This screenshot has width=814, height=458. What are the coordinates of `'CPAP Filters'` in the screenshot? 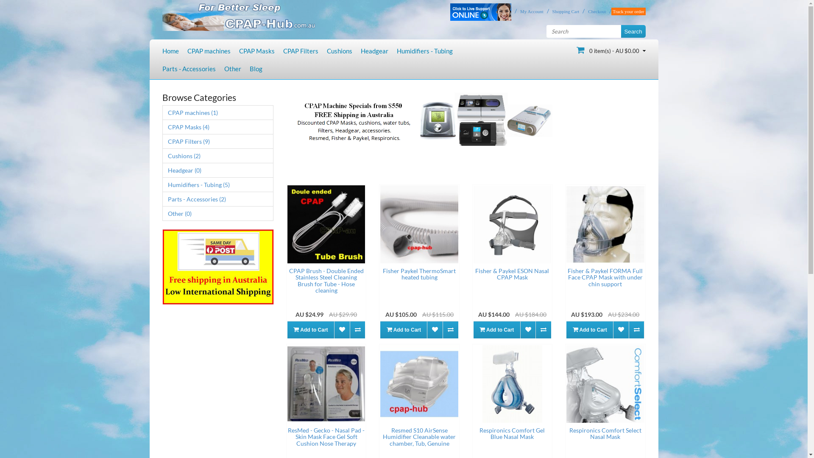 It's located at (301, 50).